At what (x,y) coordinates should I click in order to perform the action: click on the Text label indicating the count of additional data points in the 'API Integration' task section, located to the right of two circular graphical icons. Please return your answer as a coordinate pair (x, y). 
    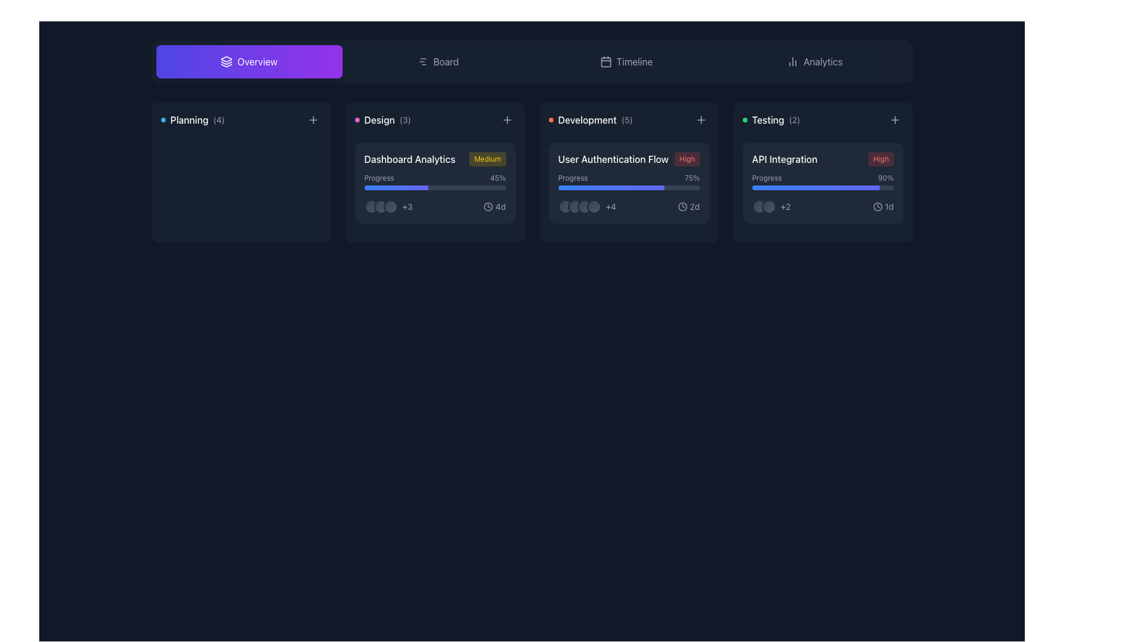
    Looking at the image, I should click on (771, 206).